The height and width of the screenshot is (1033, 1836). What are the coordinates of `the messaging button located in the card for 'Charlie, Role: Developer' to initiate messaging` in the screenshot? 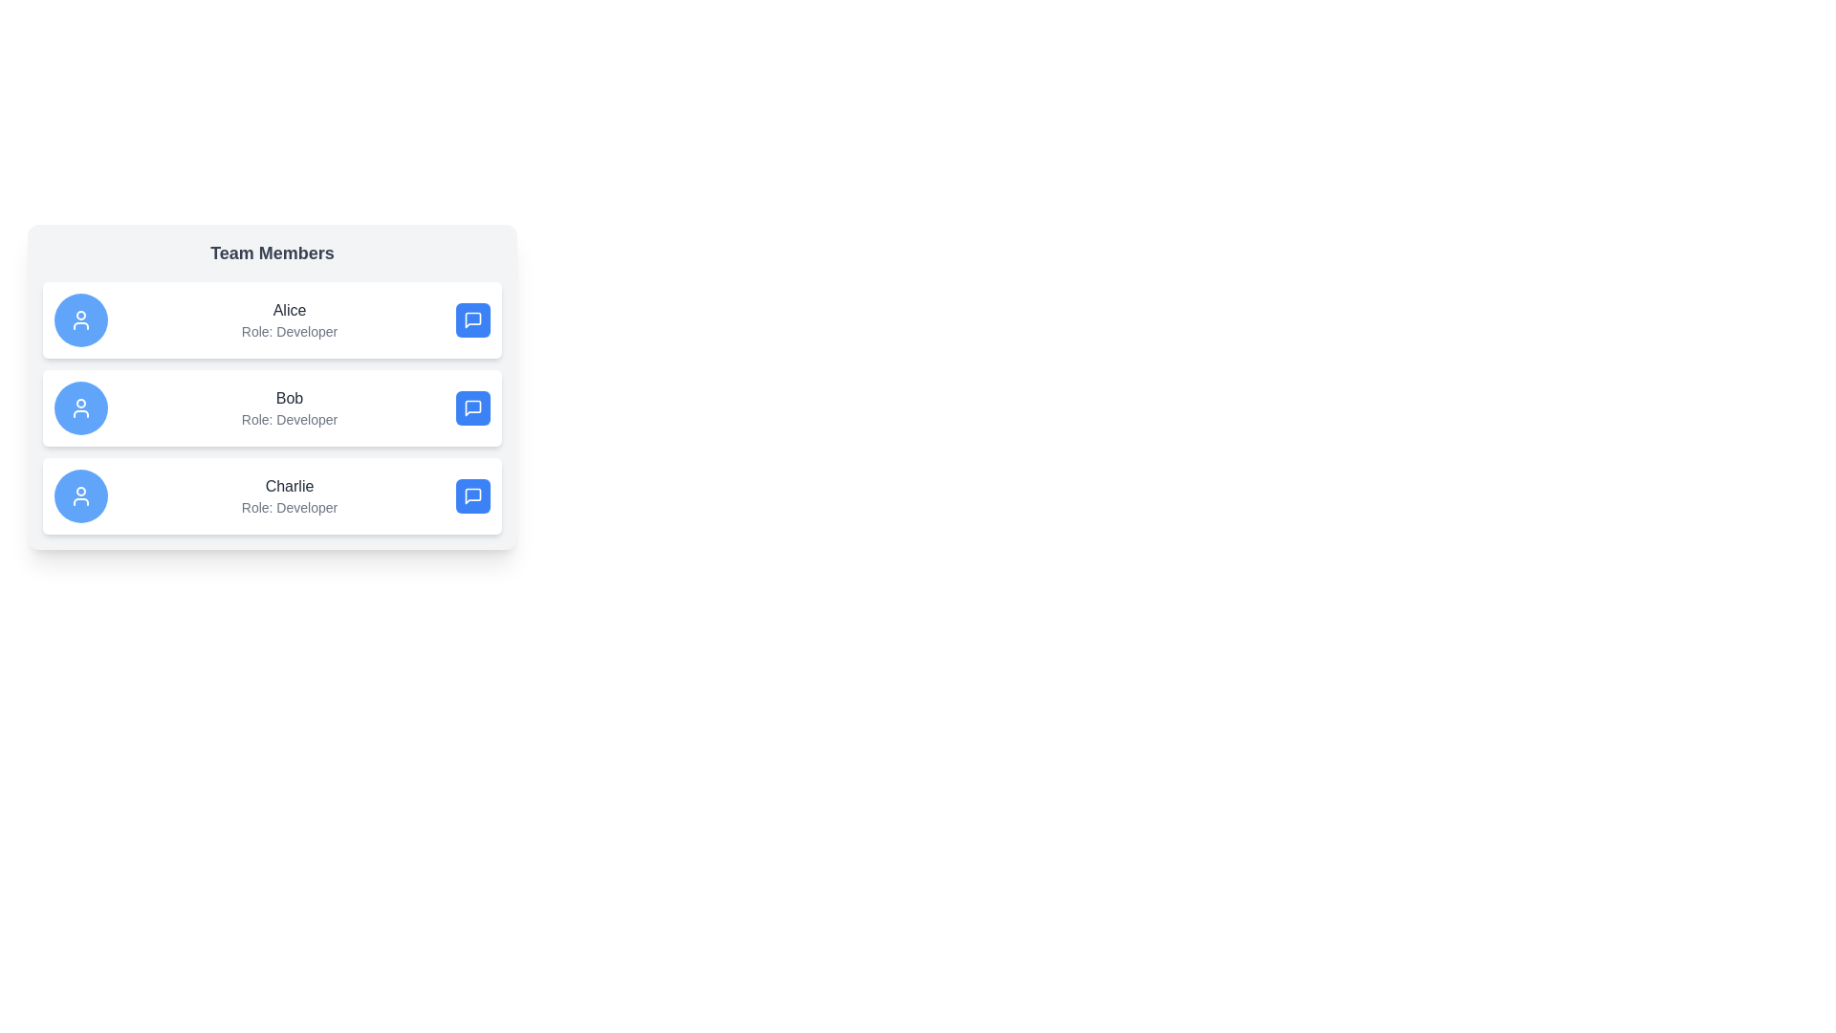 It's located at (472, 495).